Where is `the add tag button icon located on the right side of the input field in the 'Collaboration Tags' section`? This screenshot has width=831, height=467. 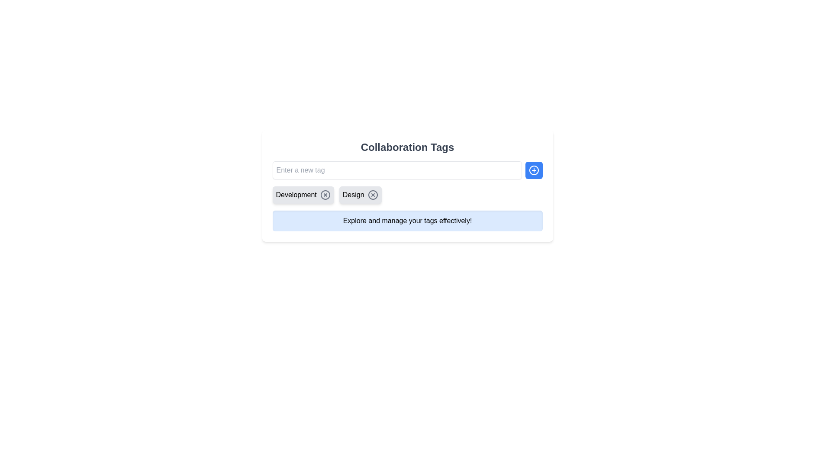 the add tag button icon located on the right side of the input field in the 'Collaboration Tags' section is located at coordinates (533, 170).